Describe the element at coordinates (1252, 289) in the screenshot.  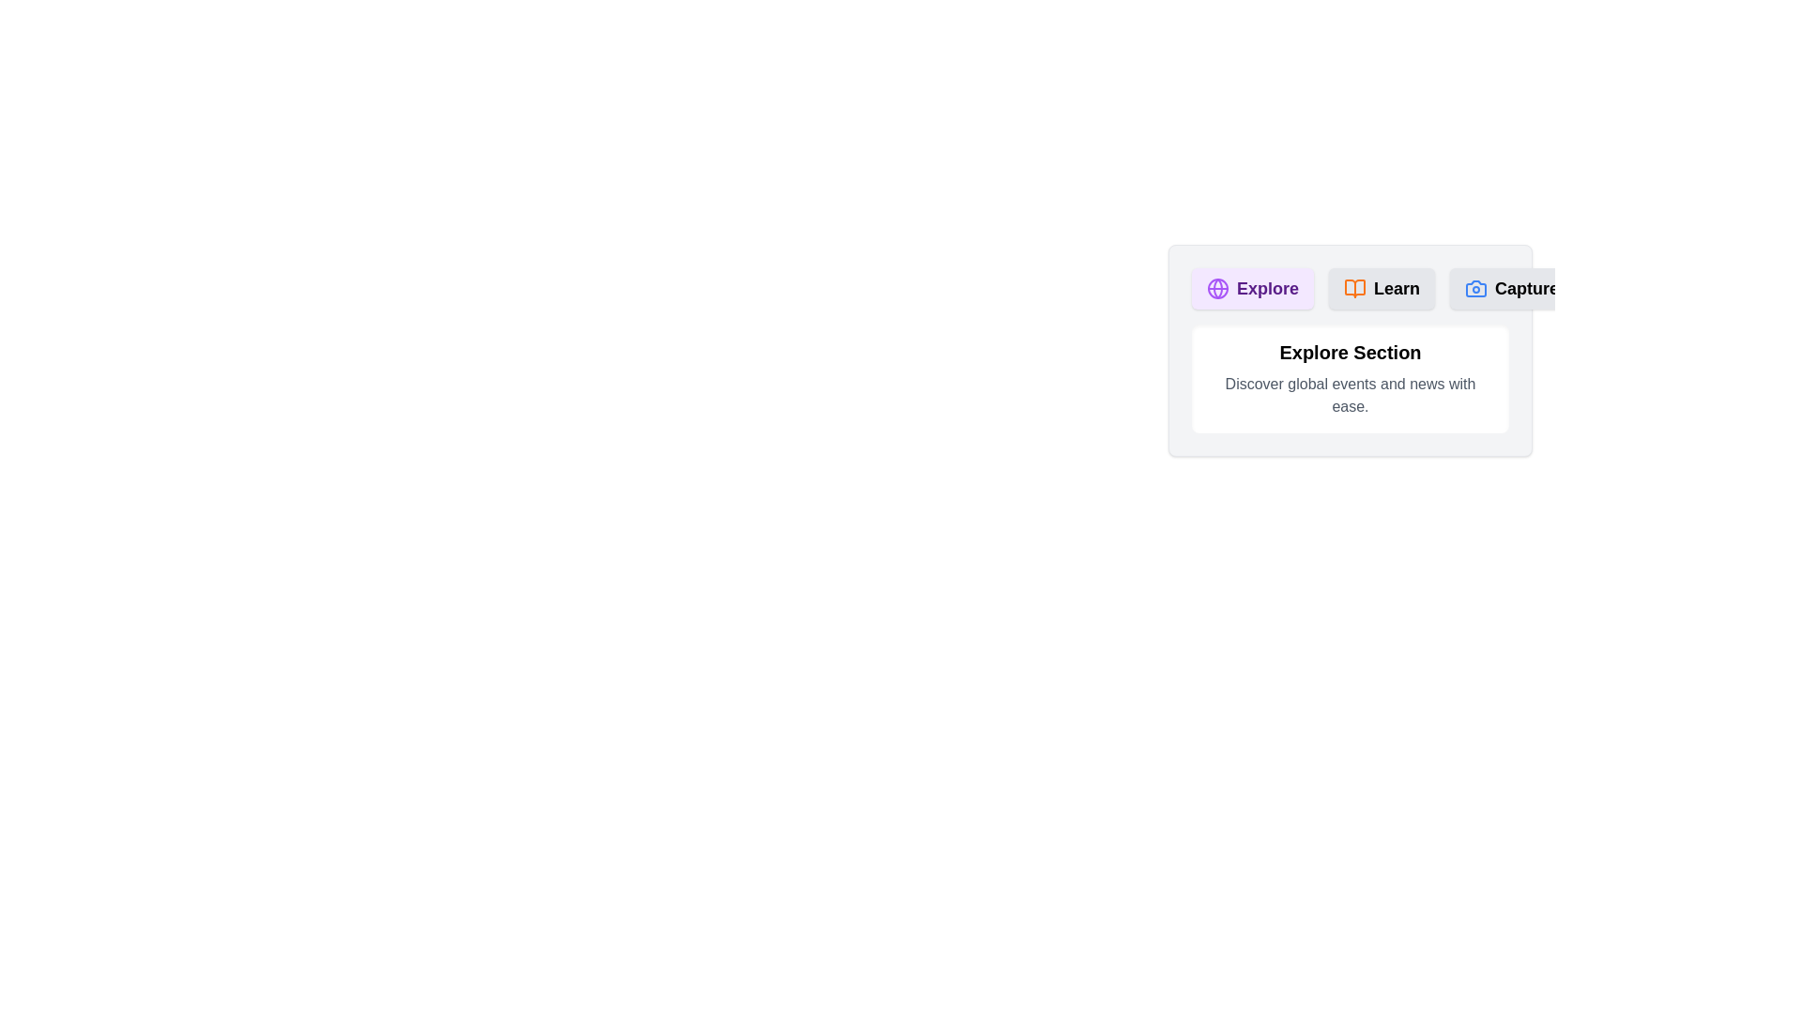
I see `the tab labeled Explore to activate it` at that location.